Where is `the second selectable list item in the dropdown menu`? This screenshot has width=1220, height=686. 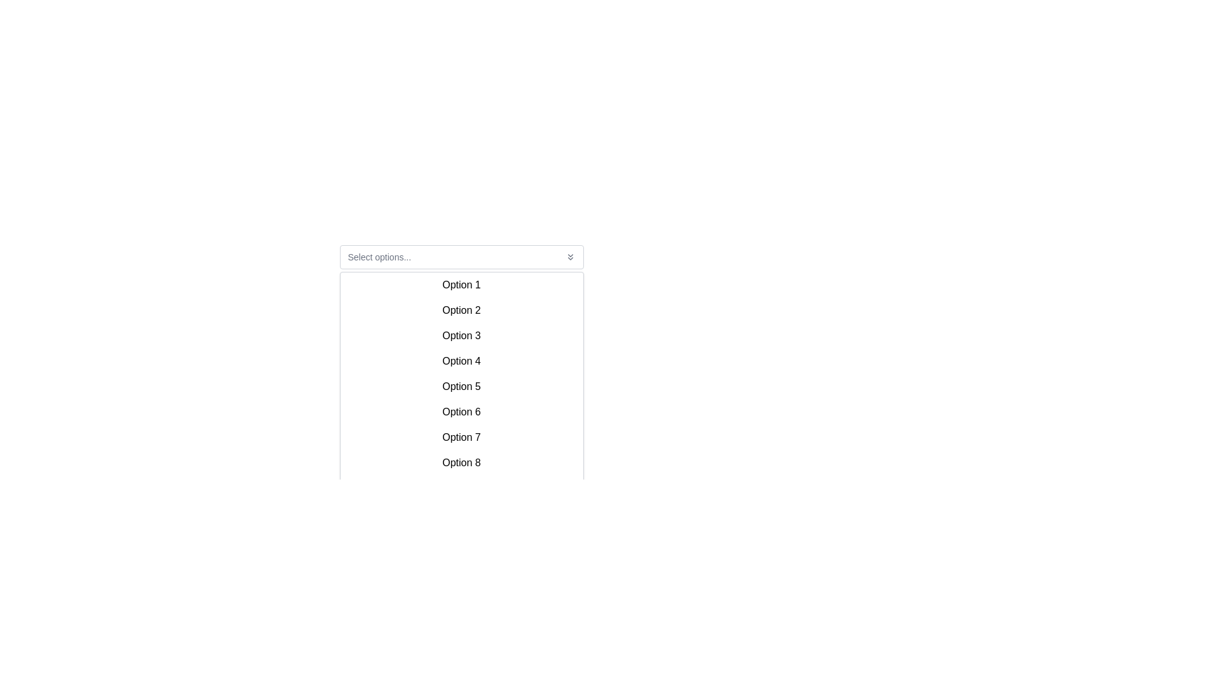 the second selectable list item in the dropdown menu is located at coordinates (461, 311).